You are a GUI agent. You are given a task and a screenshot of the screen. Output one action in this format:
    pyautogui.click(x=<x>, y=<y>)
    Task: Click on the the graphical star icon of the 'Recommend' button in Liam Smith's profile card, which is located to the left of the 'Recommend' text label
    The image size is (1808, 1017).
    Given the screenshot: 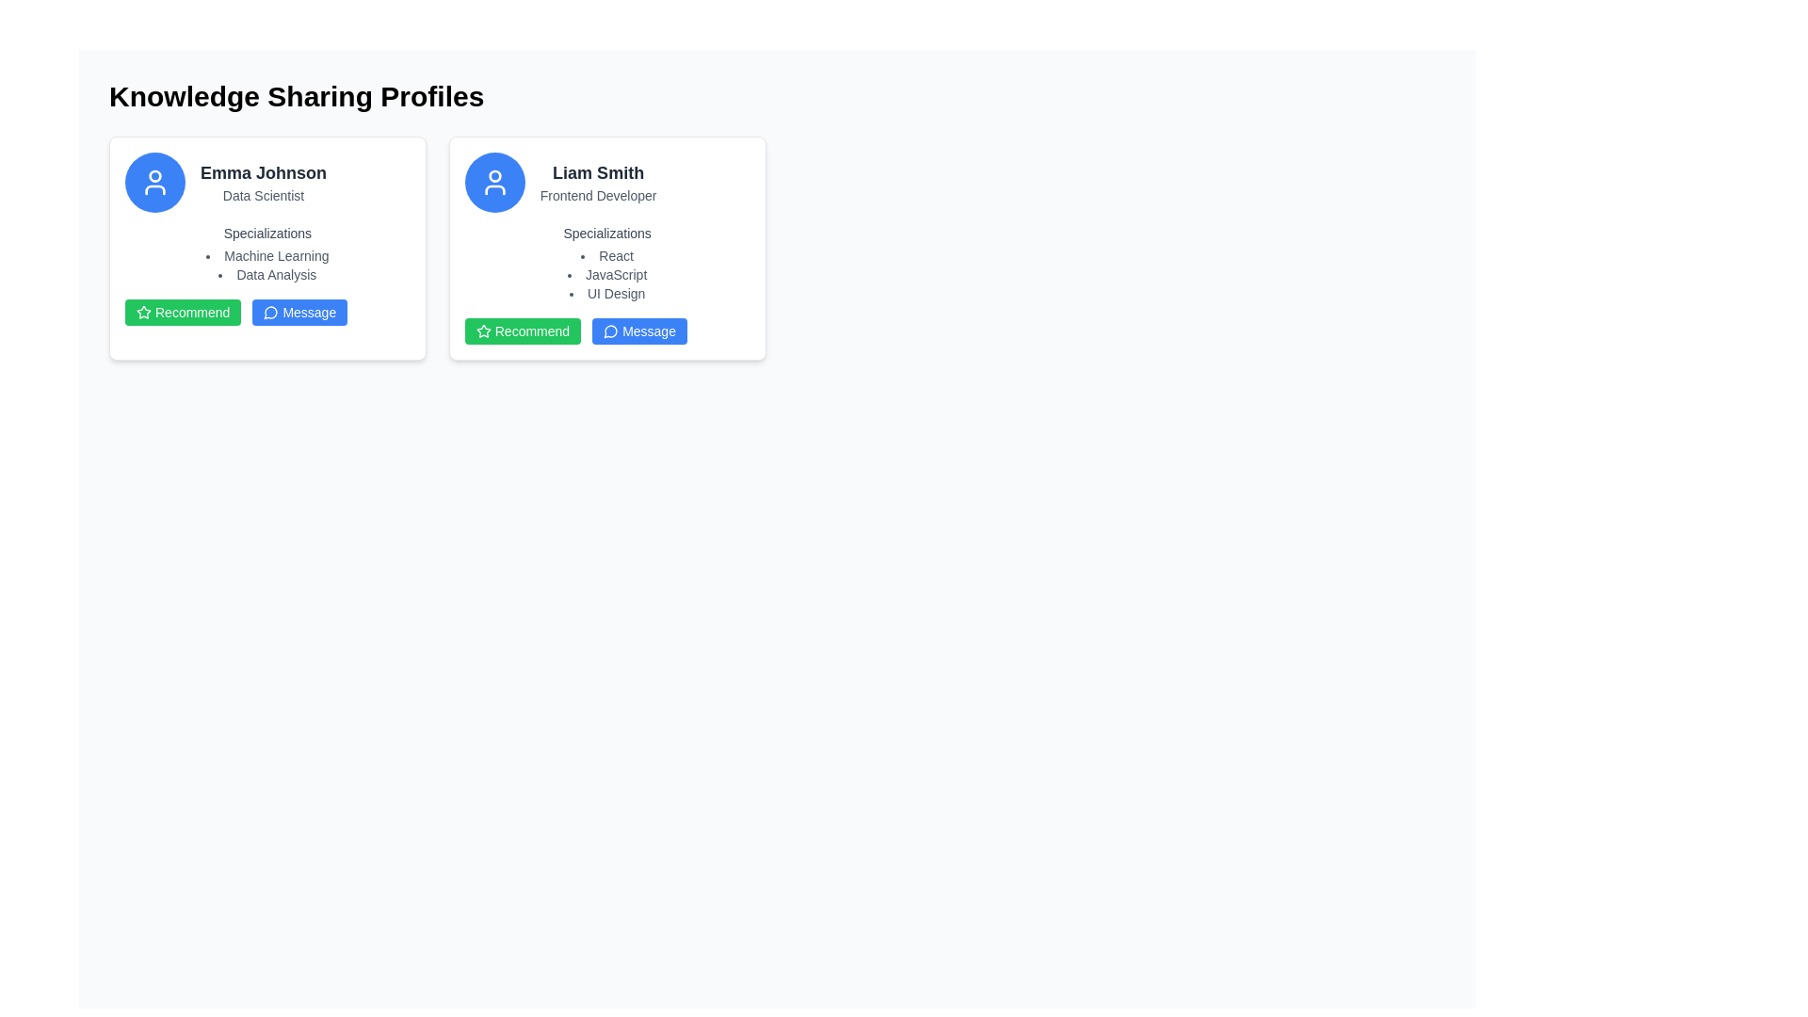 What is the action you would take?
    pyautogui.click(x=483, y=330)
    